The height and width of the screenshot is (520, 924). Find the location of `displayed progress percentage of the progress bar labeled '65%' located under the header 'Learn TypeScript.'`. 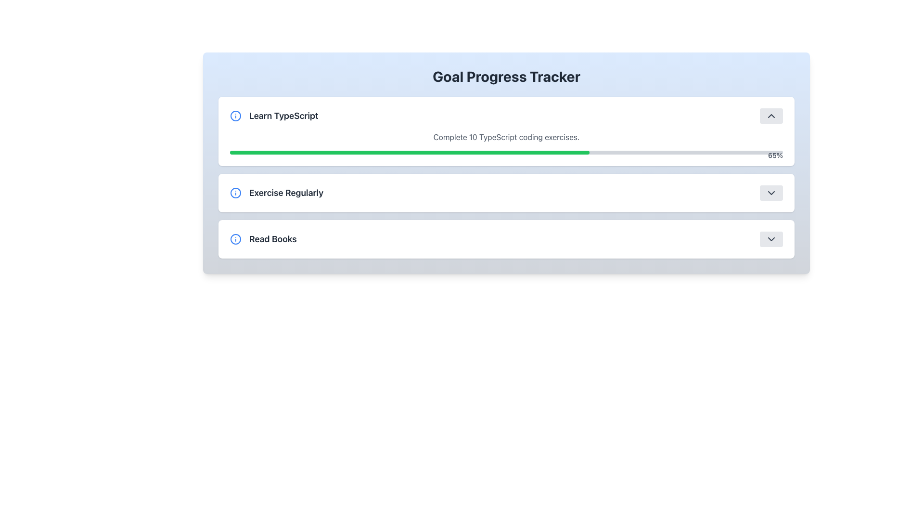

displayed progress percentage of the progress bar labeled '65%' located under the header 'Learn TypeScript.' is located at coordinates (506, 143).